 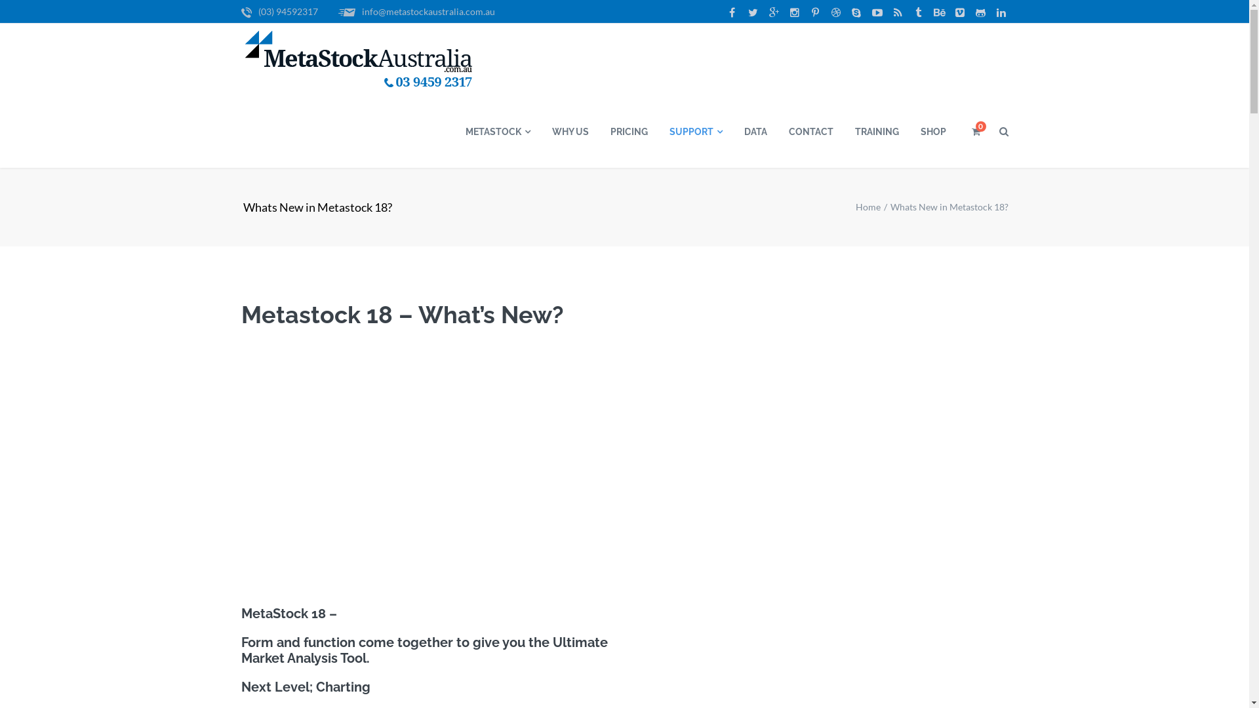 What do you see at coordinates (810, 131) in the screenshot?
I see `'CONTACT'` at bounding box center [810, 131].